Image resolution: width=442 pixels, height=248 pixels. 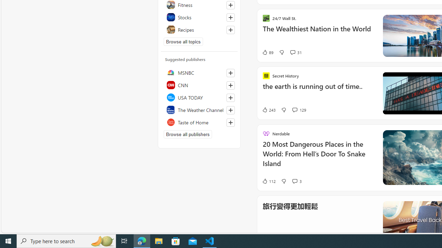 I want to click on 'Follow this source', so click(x=231, y=122).